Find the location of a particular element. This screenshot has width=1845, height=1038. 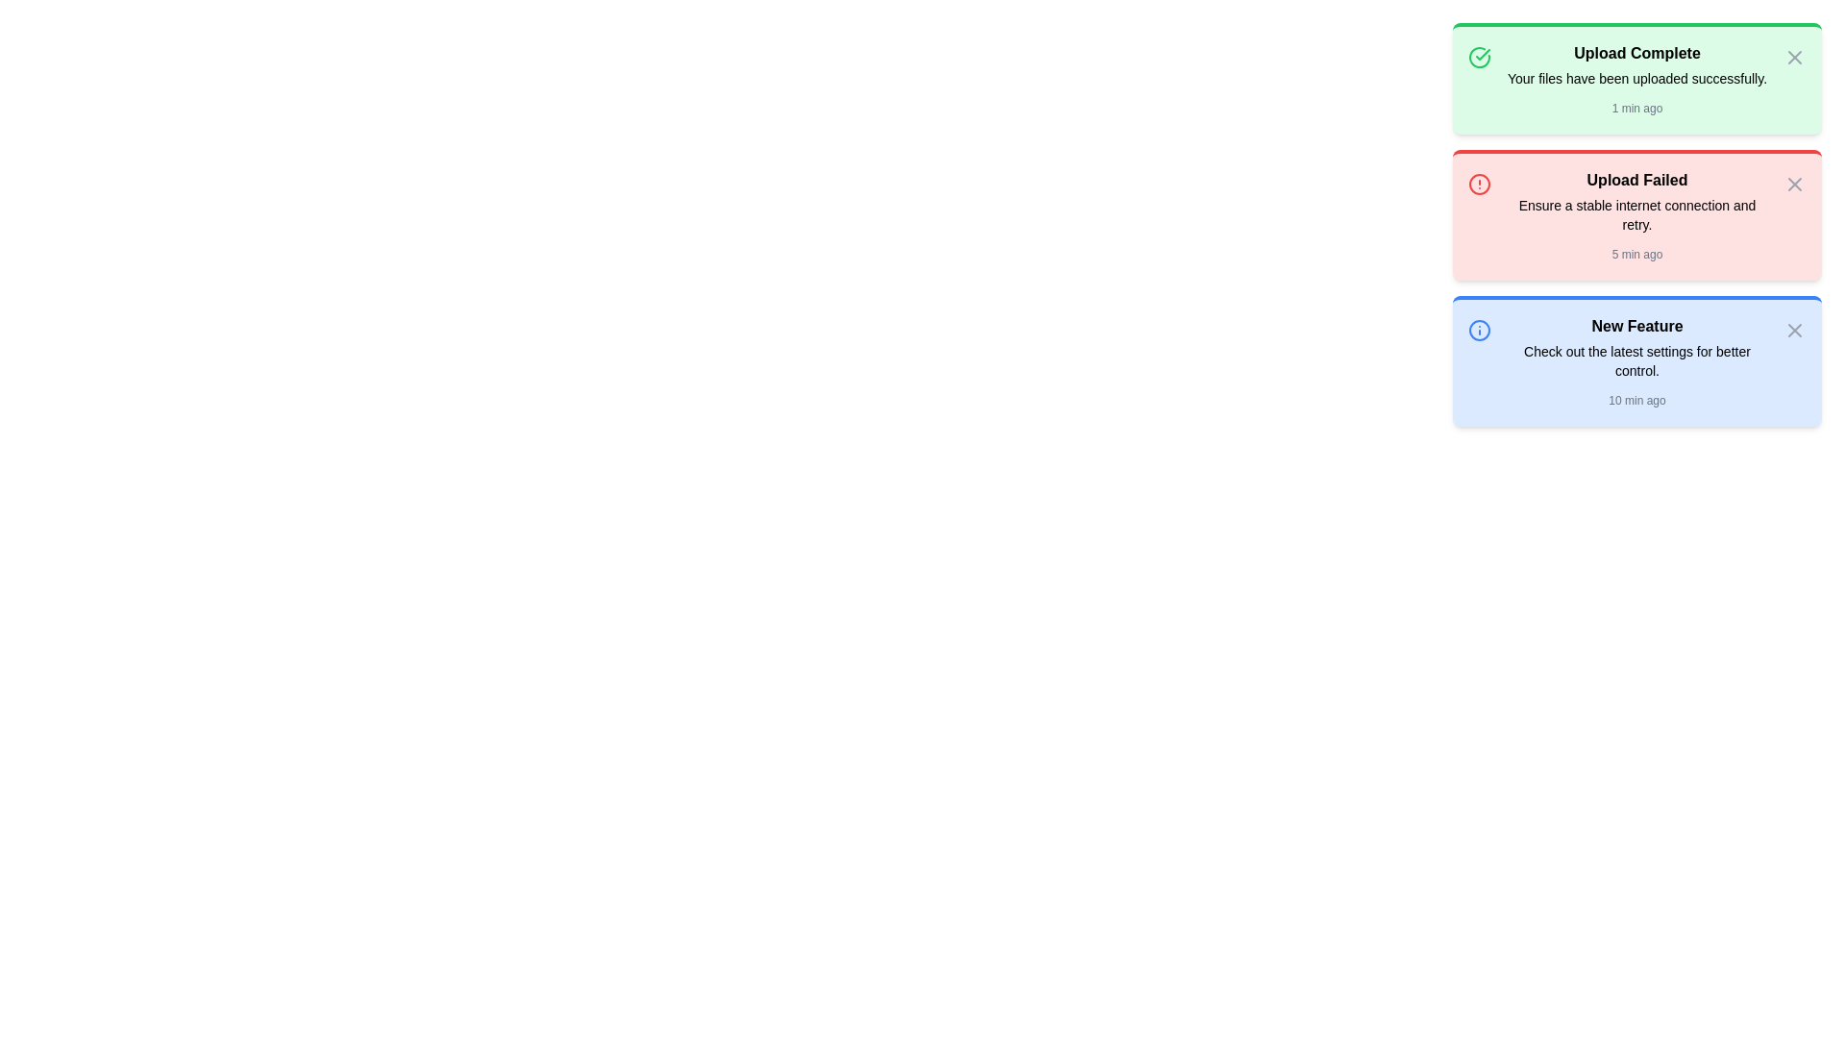

the green checkmark-style icon located in the top left corner of the 'Upload Complete' notification panel is located at coordinates (1479, 57).